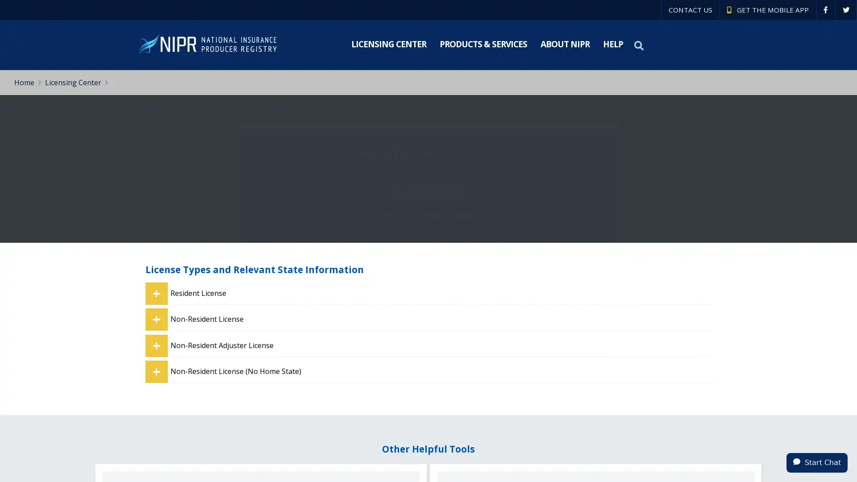 This screenshot has height=482, width=857. I want to click on Search NIPR, so click(640, 45).